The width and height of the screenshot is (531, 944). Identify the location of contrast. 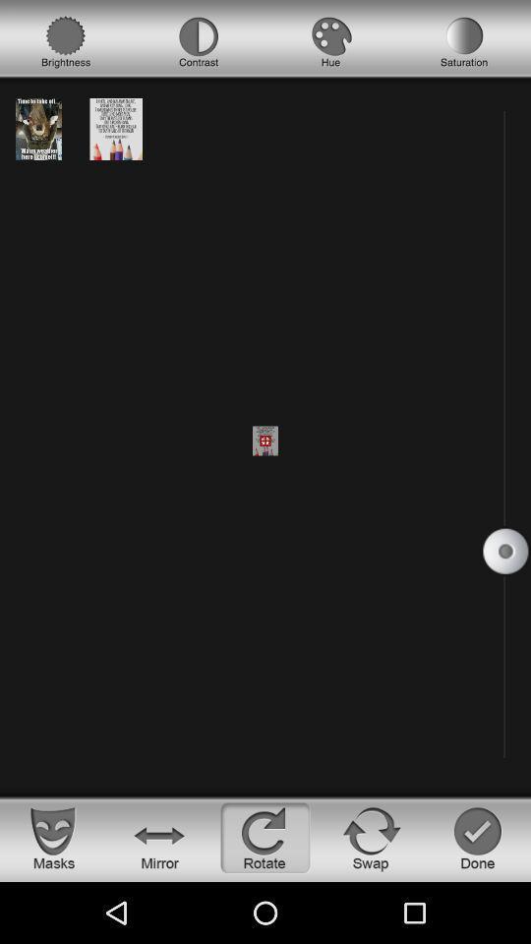
(199, 41).